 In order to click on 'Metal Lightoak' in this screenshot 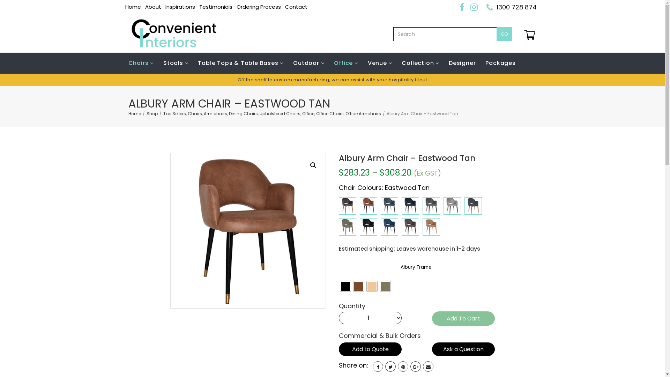, I will do `click(371, 286)`.